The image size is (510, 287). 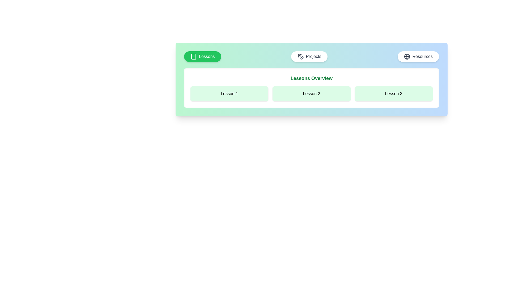 What do you see at coordinates (300, 56) in the screenshot?
I see `the 'Projects' icon graphic component in the horizontal navigation bar` at bounding box center [300, 56].